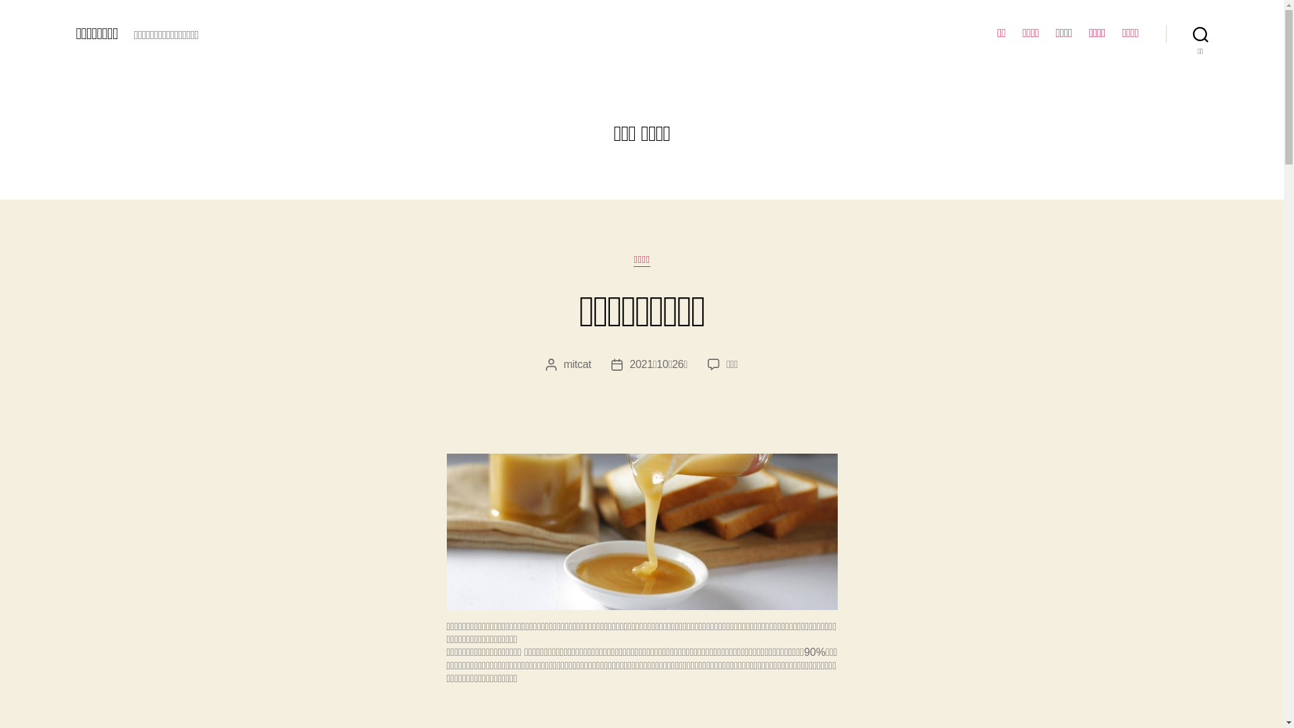 The image size is (1294, 728). I want to click on 'mitcat', so click(577, 364).